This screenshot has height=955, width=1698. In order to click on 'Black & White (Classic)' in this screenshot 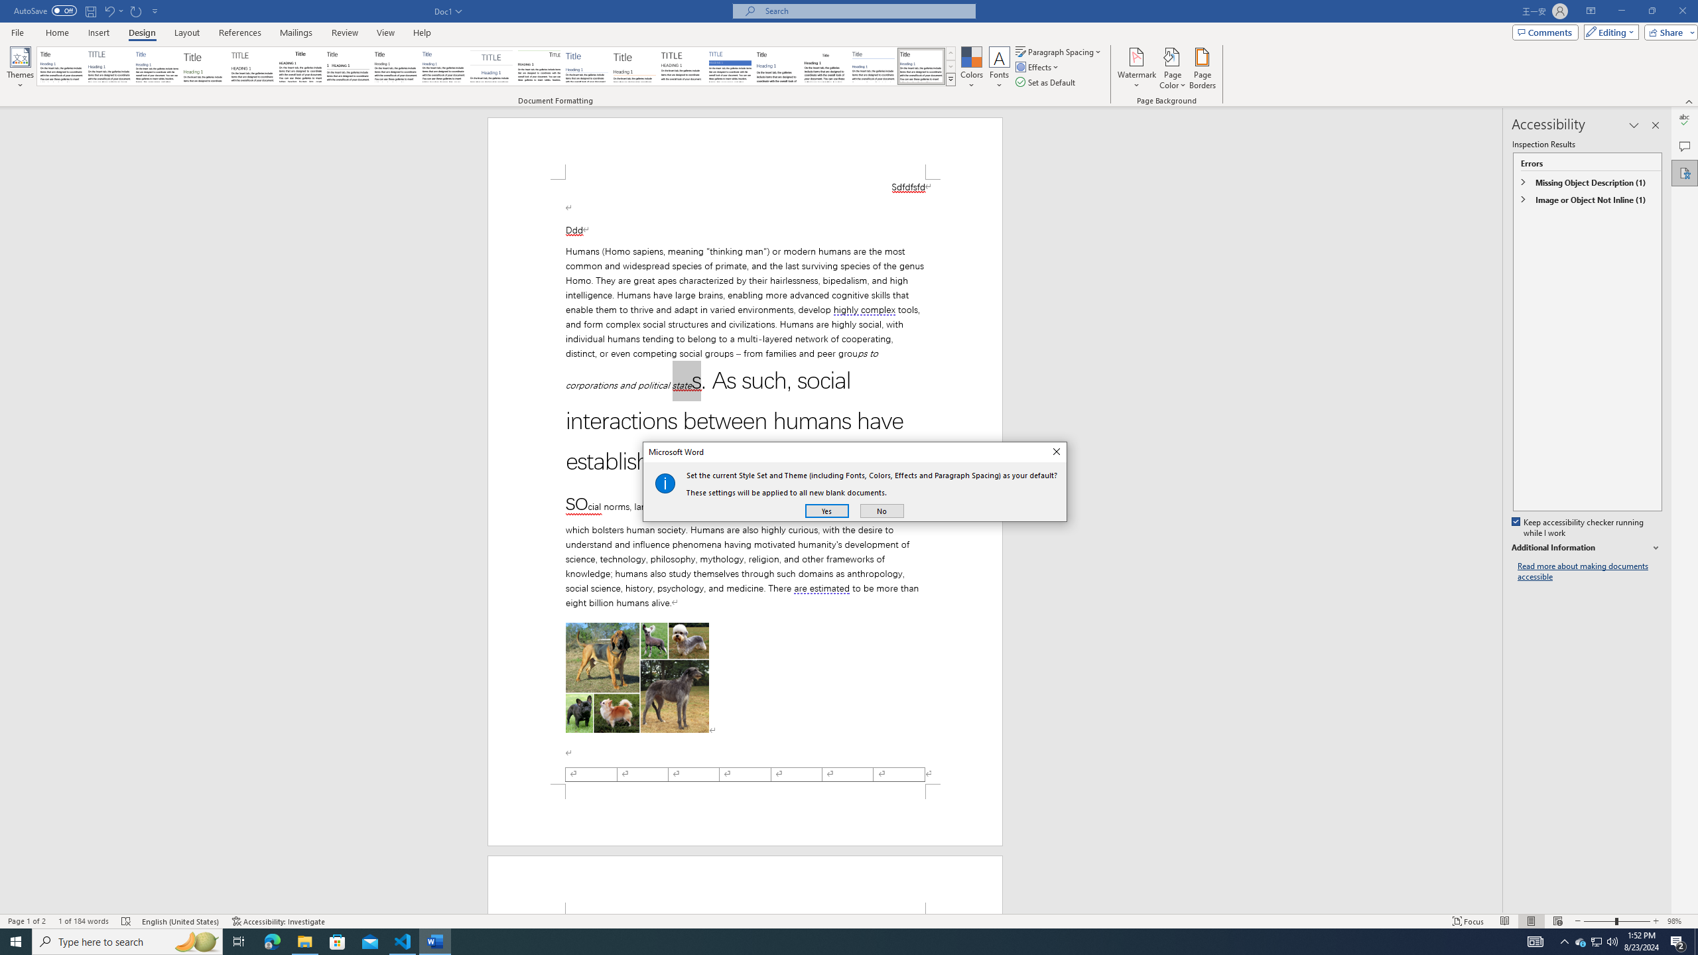, I will do `click(300, 66)`.